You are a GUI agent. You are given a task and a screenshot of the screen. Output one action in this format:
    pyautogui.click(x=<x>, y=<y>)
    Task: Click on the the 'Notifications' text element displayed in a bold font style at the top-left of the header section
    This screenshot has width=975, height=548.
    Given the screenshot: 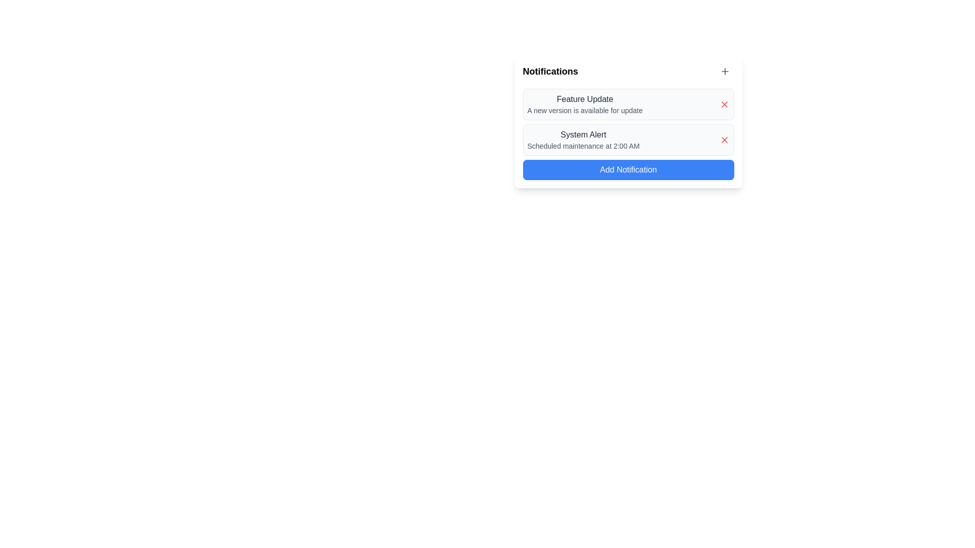 What is the action you would take?
    pyautogui.click(x=550, y=71)
    